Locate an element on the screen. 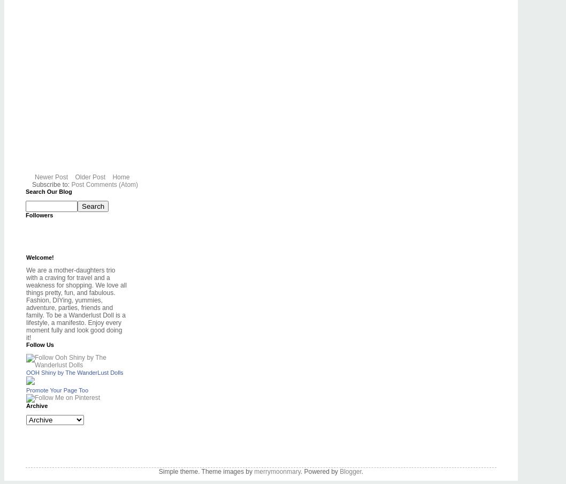  'Simple theme. Theme images by' is located at coordinates (206, 471).